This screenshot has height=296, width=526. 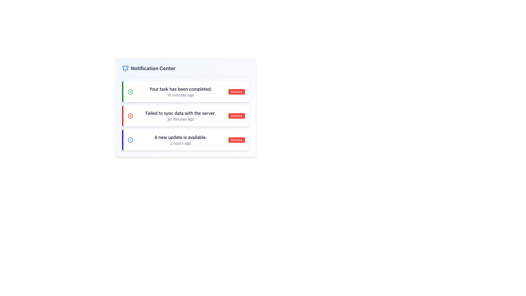 I want to click on the 'Dismiss' button with a red background and white text, so click(x=236, y=116).